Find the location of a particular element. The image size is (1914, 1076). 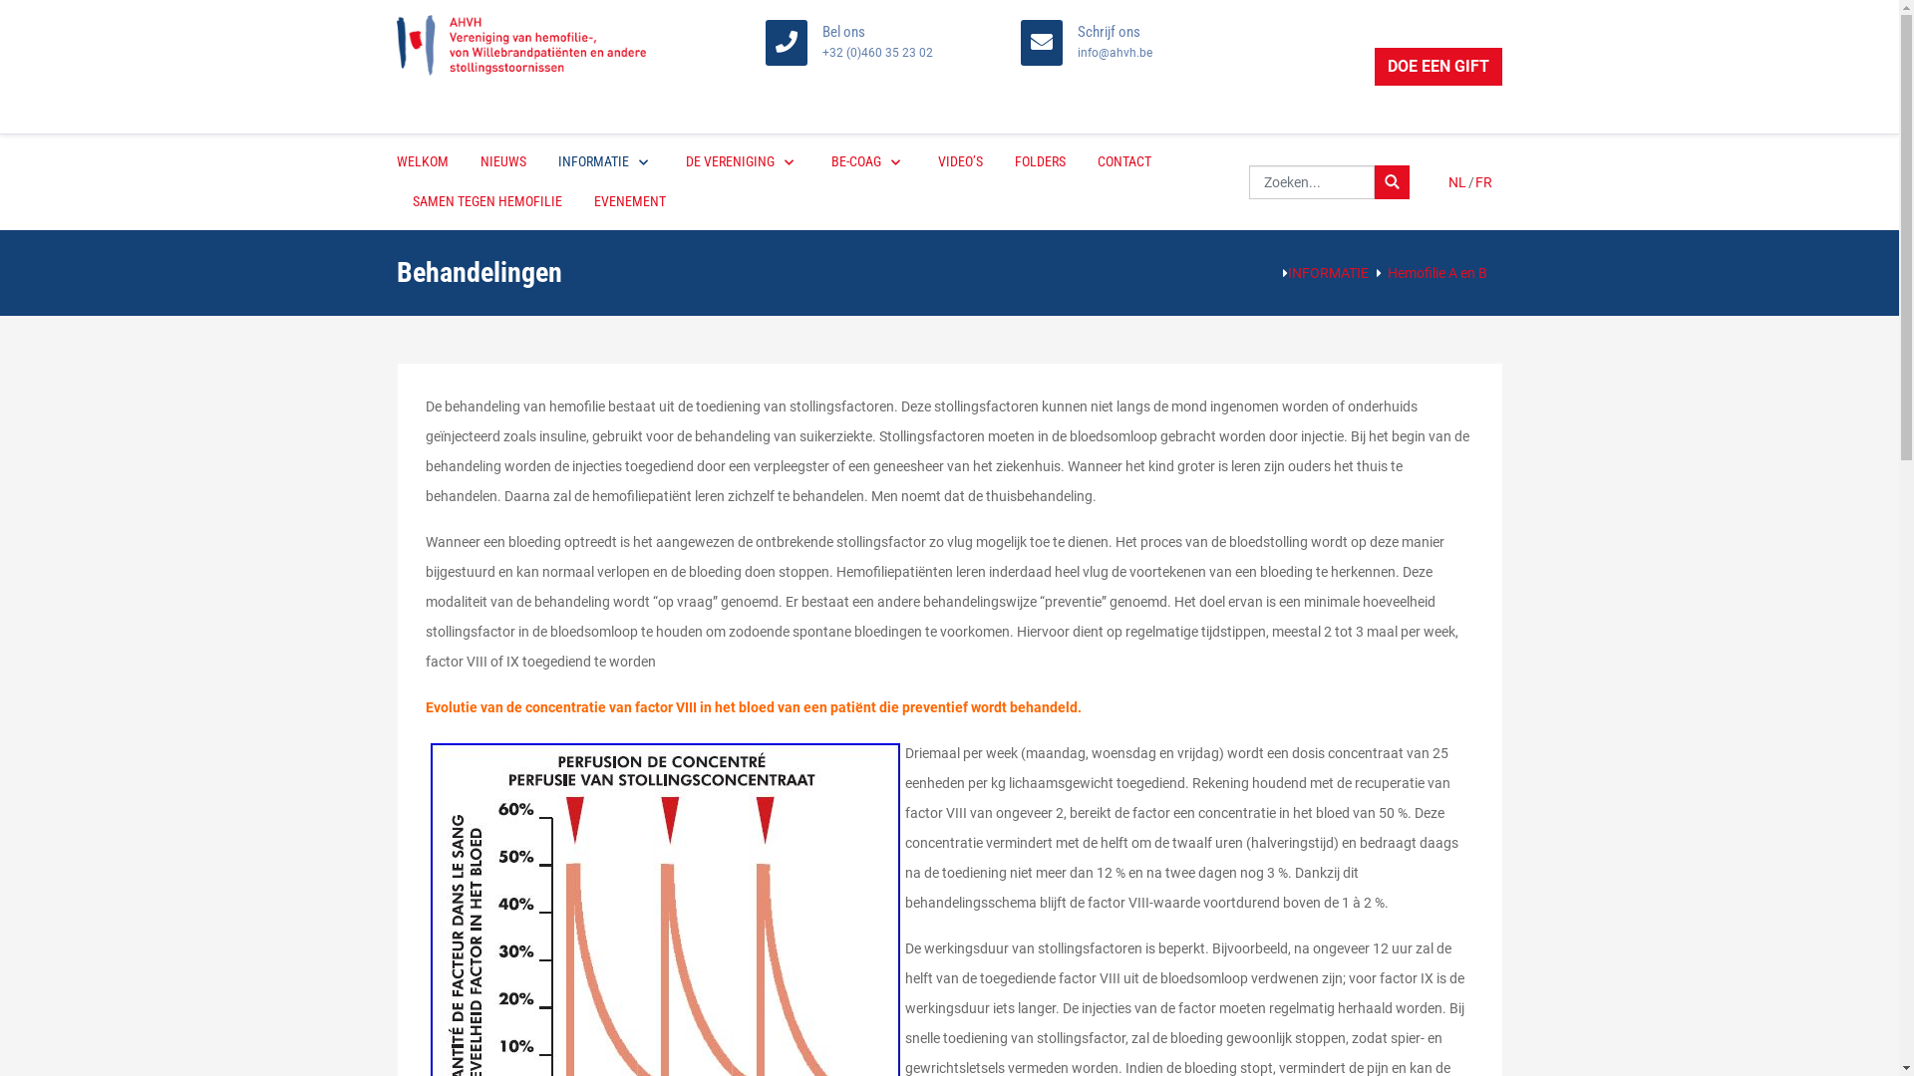

'NL' is located at coordinates (1458, 181).